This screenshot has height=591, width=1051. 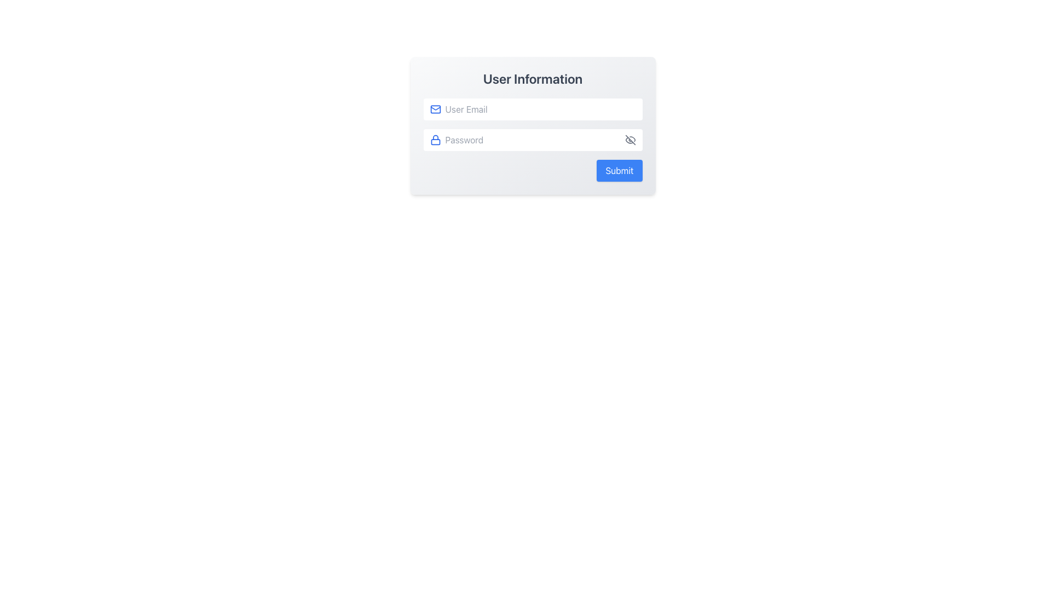 What do you see at coordinates (619, 171) in the screenshot?
I see `the submit button located at the bottom-right corner of the user input form` at bounding box center [619, 171].